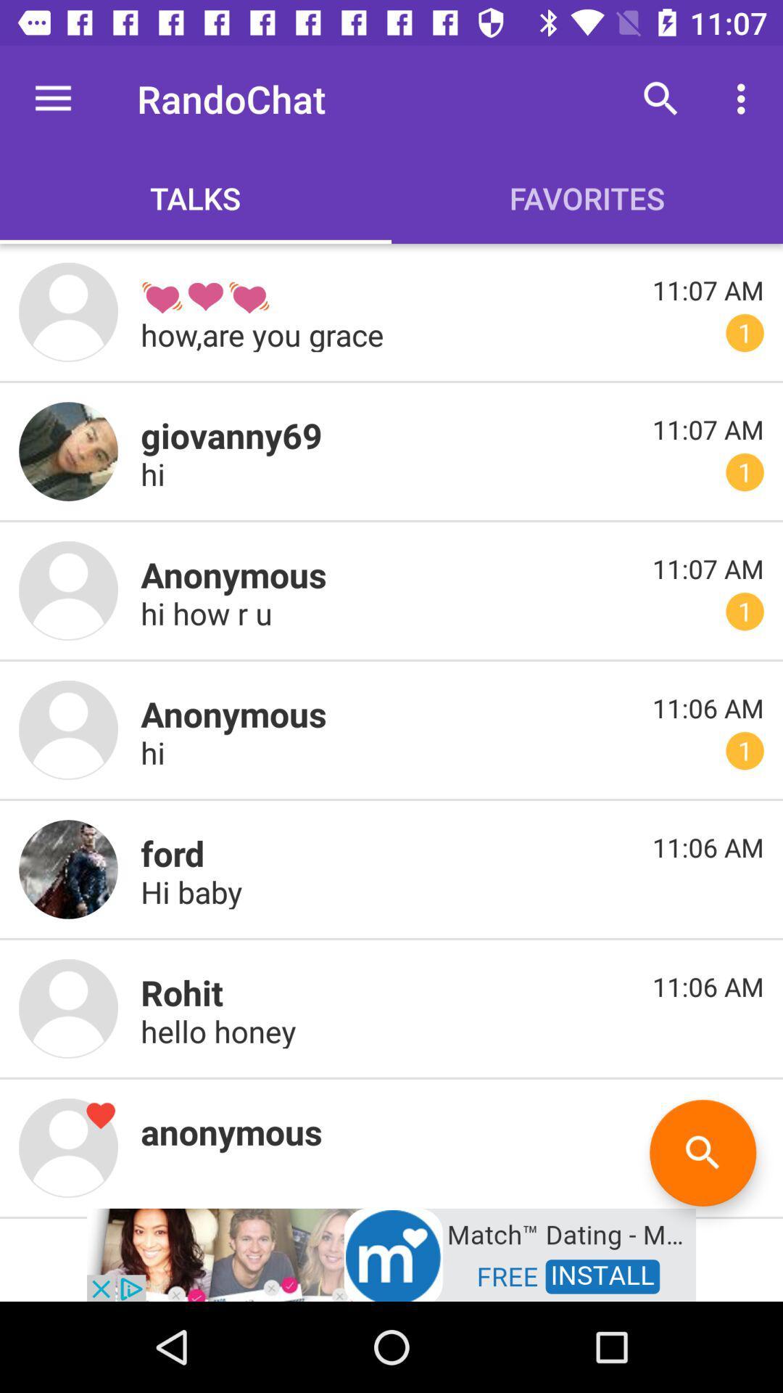 This screenshot has height=1393, width=783. I want to click on the search icon, so click(702, 1152).